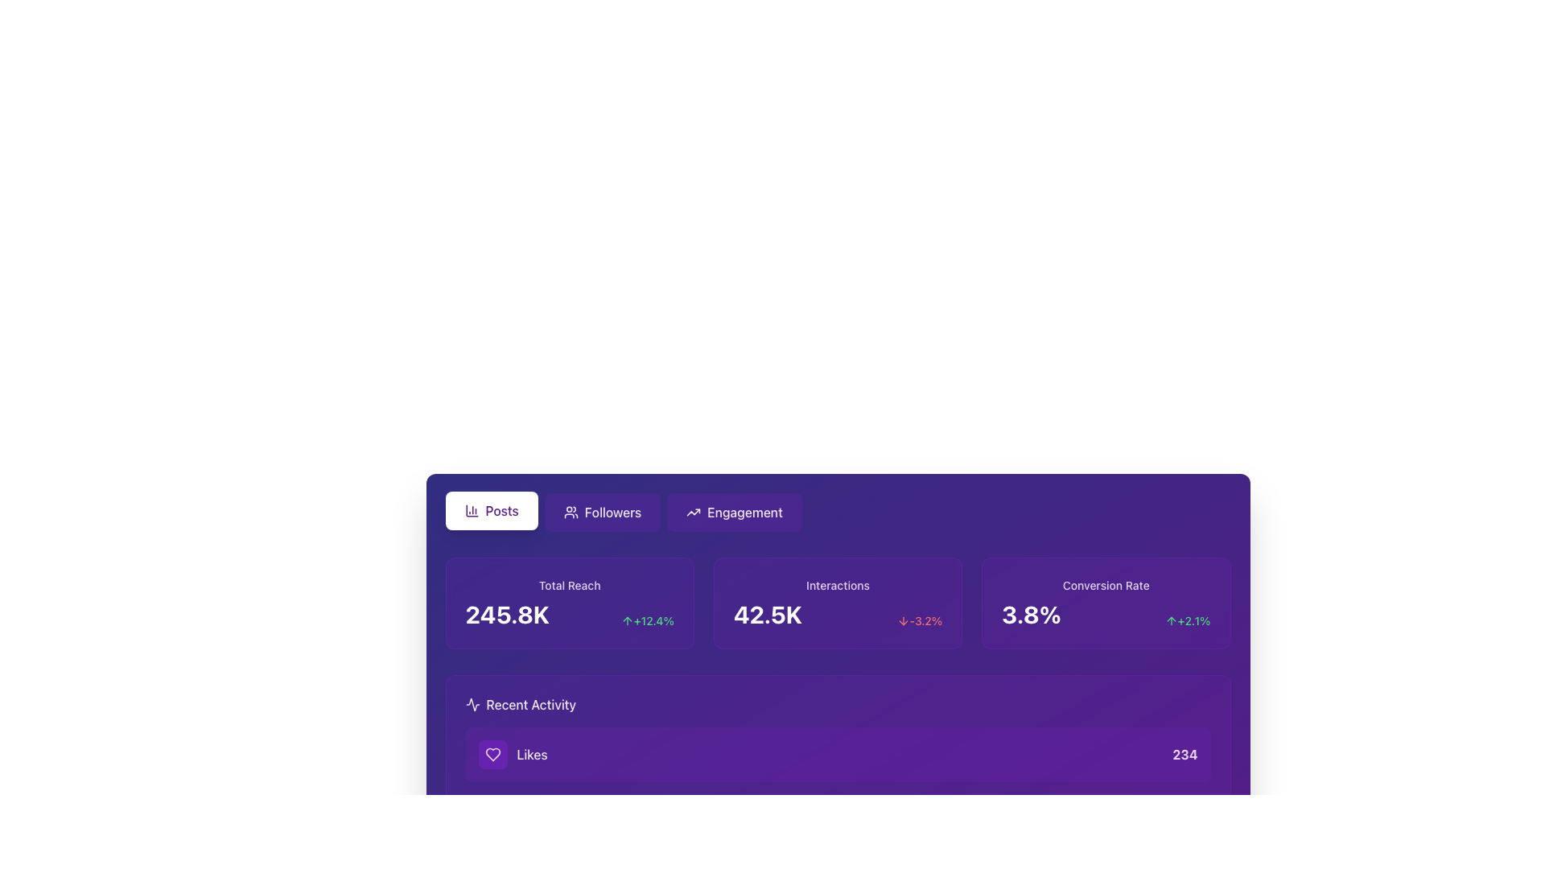 The width and height of the screenshot is (1545, 869). What do you see at coordinates (1171, 620) in the screenshot?
I see `the green upward arrow icon located to the left of the text '+2.1%' in the bottom-right card of the dashboard` at bounding box center [1171, 620].